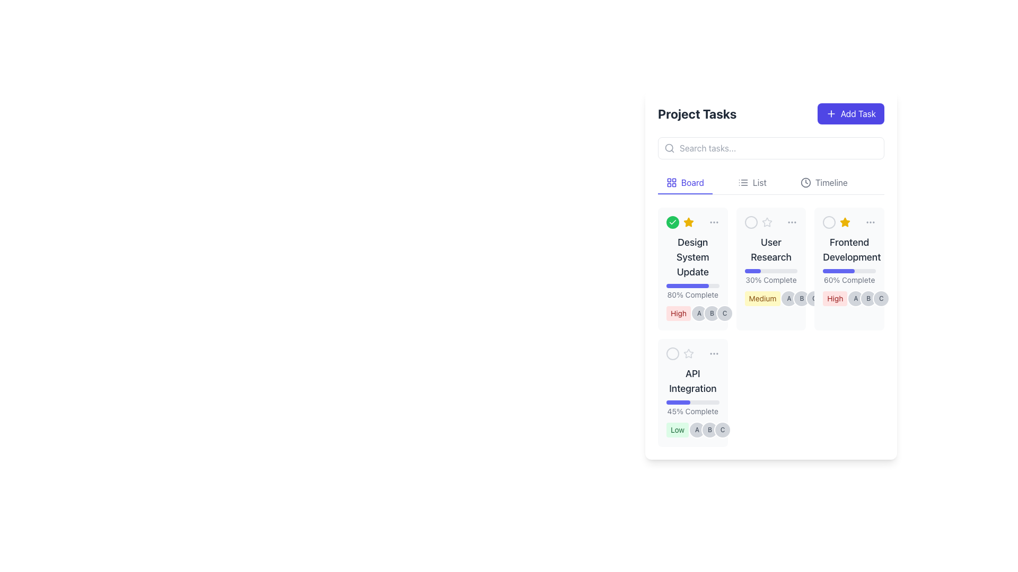 This screenshot has height=572, width=1018. What do you see at coordinates (868, 298) in the screenshot?
I see `the group of circular icons labeled 'A', 'B', and 'C' located at the bottom-right of the 'Frontend Development' card in the 'Project Tasks' interface for further interactions` at bounding box center [868, 298].